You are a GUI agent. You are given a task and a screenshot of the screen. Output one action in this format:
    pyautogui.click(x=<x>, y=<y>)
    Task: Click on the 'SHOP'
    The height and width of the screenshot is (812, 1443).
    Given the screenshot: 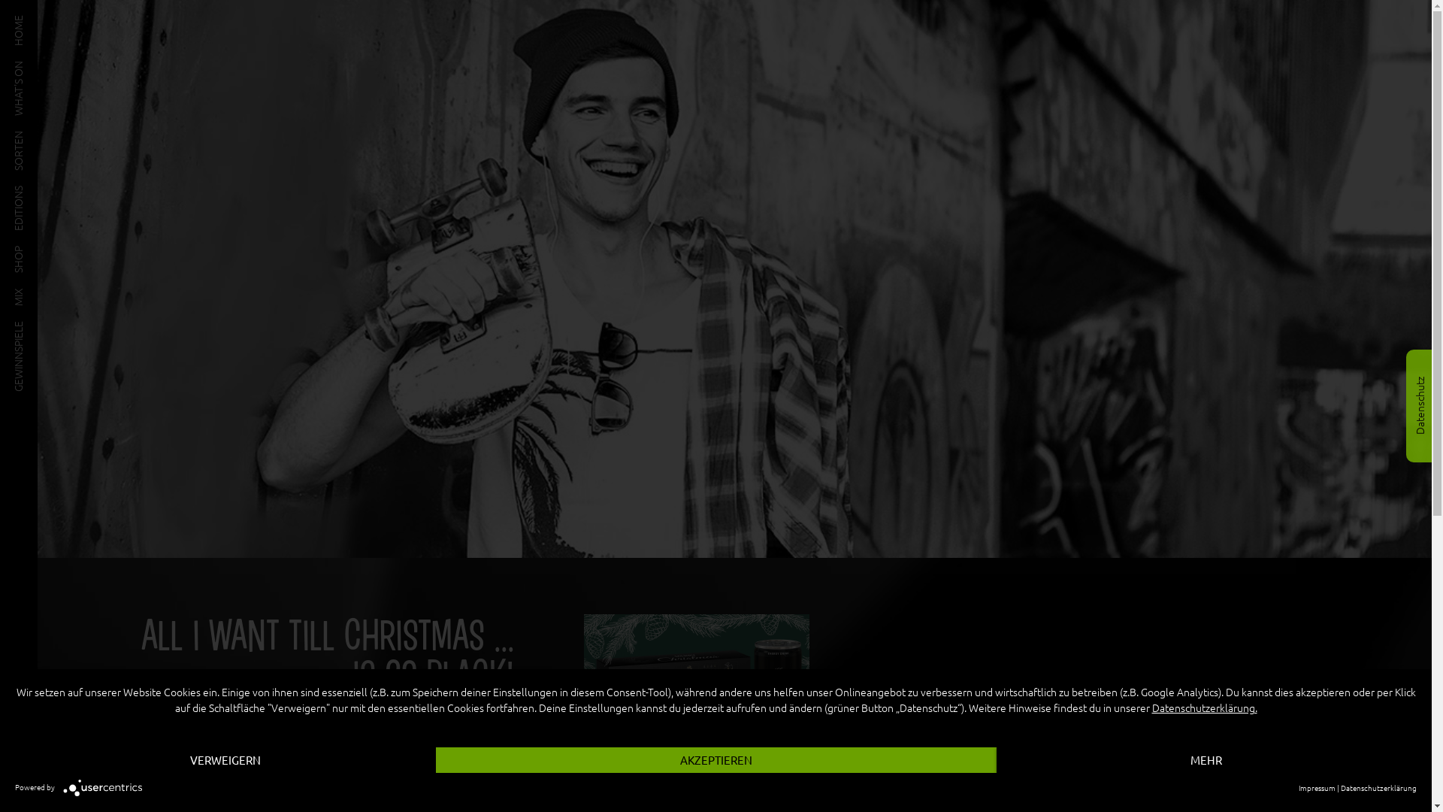 What is the action you would take?
    pyautogui.click(x=26, y=250)
    